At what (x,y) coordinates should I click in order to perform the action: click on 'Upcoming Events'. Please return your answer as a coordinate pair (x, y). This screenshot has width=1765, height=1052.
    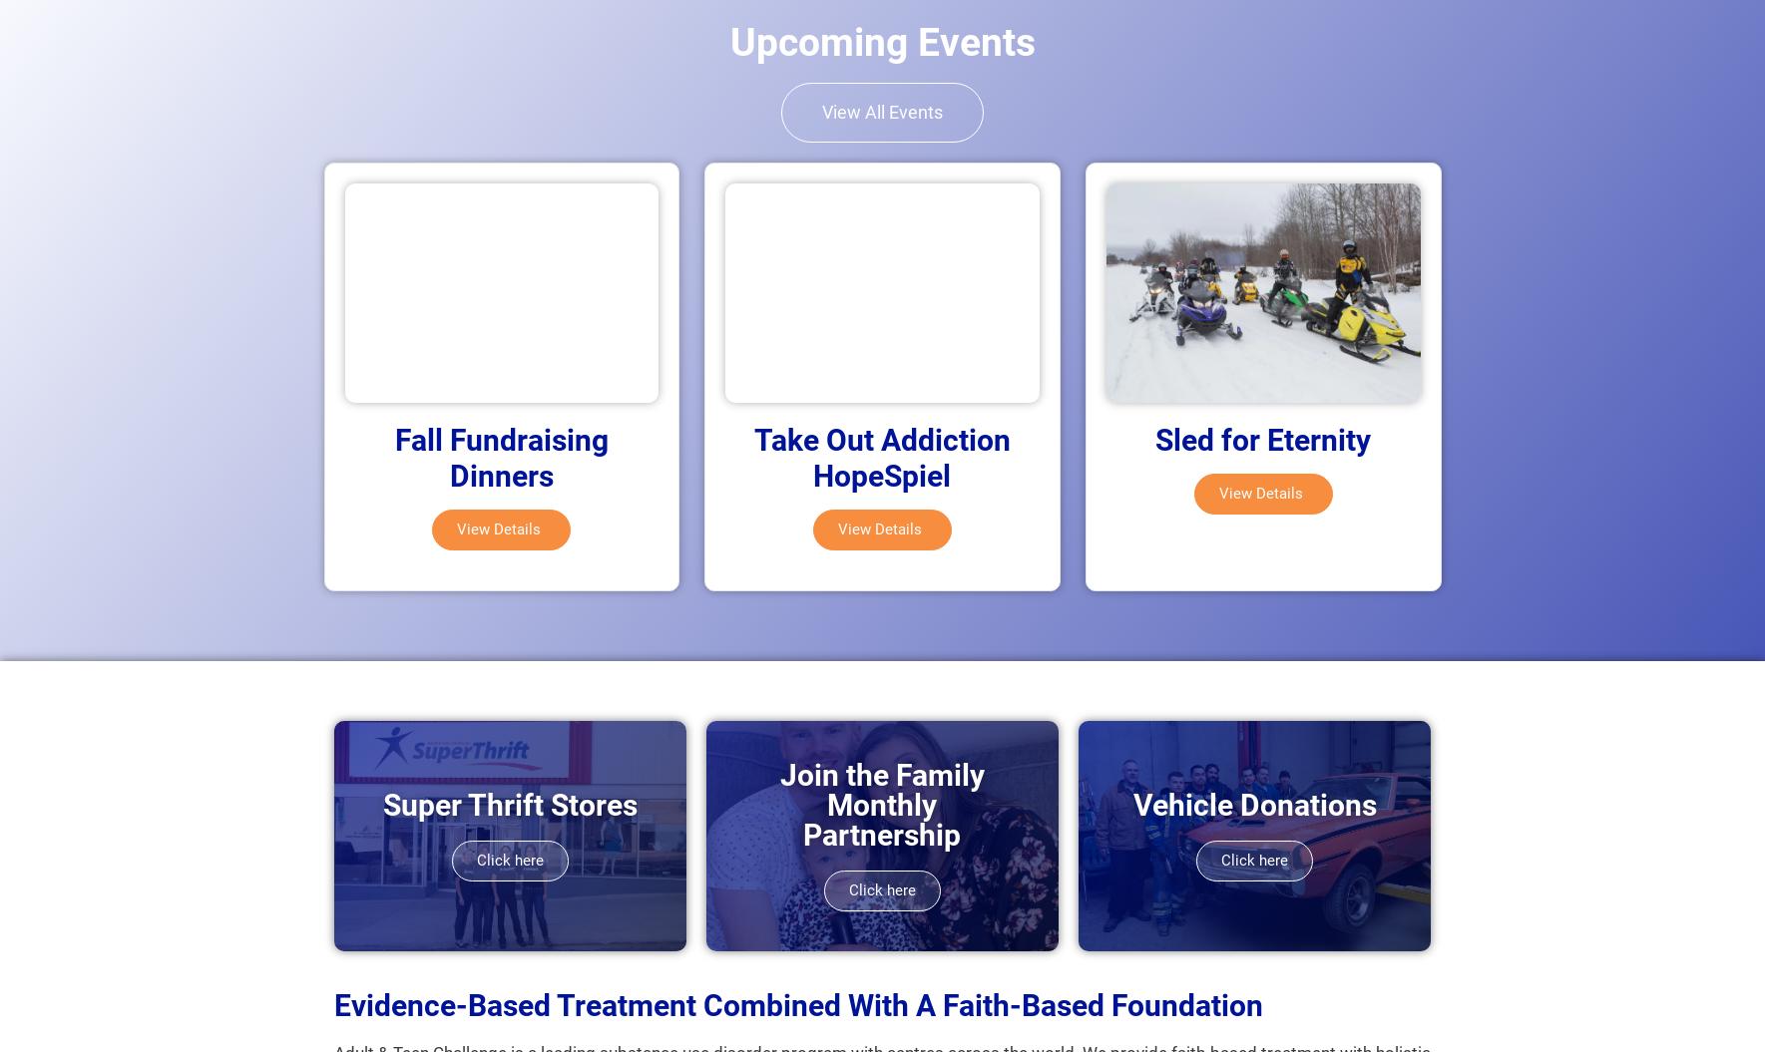
    Looking at the image, I should click on (880, 41).